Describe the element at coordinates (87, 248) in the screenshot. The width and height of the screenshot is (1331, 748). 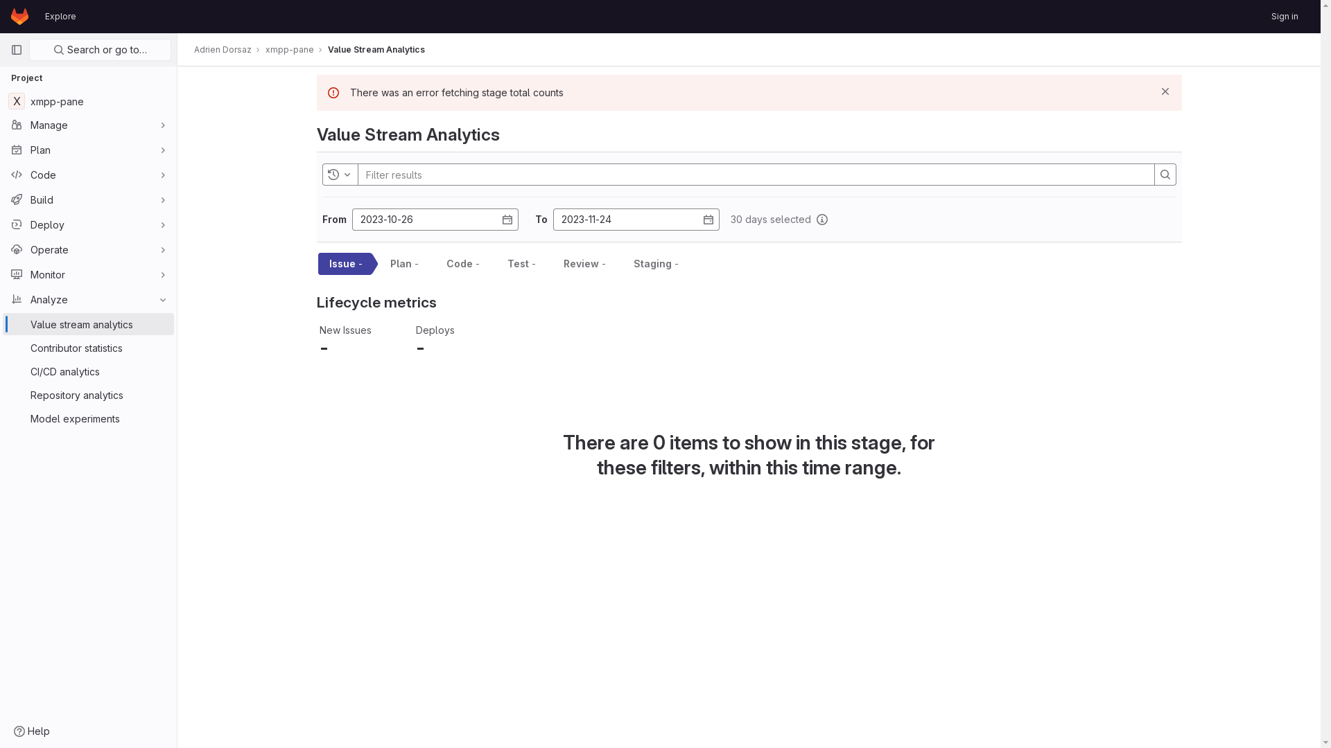
I see `'Operate'` at that location.